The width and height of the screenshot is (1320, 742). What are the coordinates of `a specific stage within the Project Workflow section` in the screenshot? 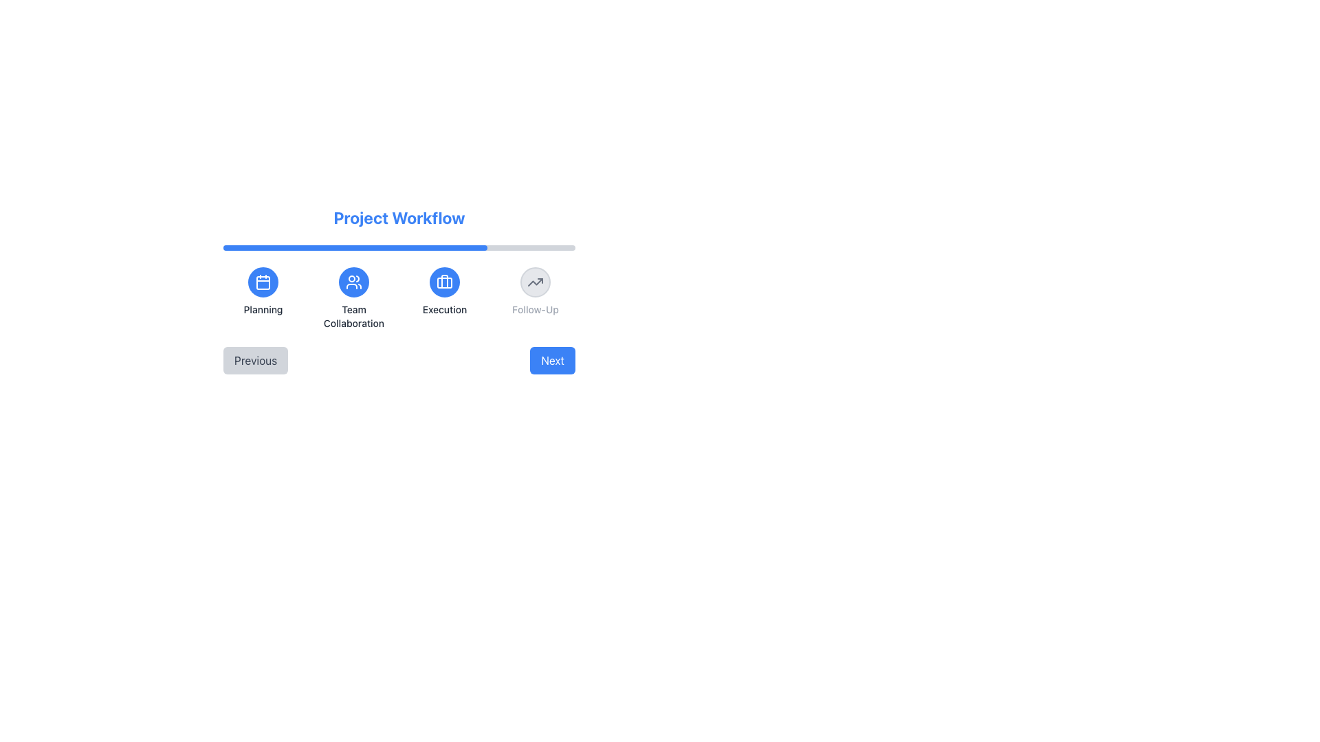 It's located at (398, 298).